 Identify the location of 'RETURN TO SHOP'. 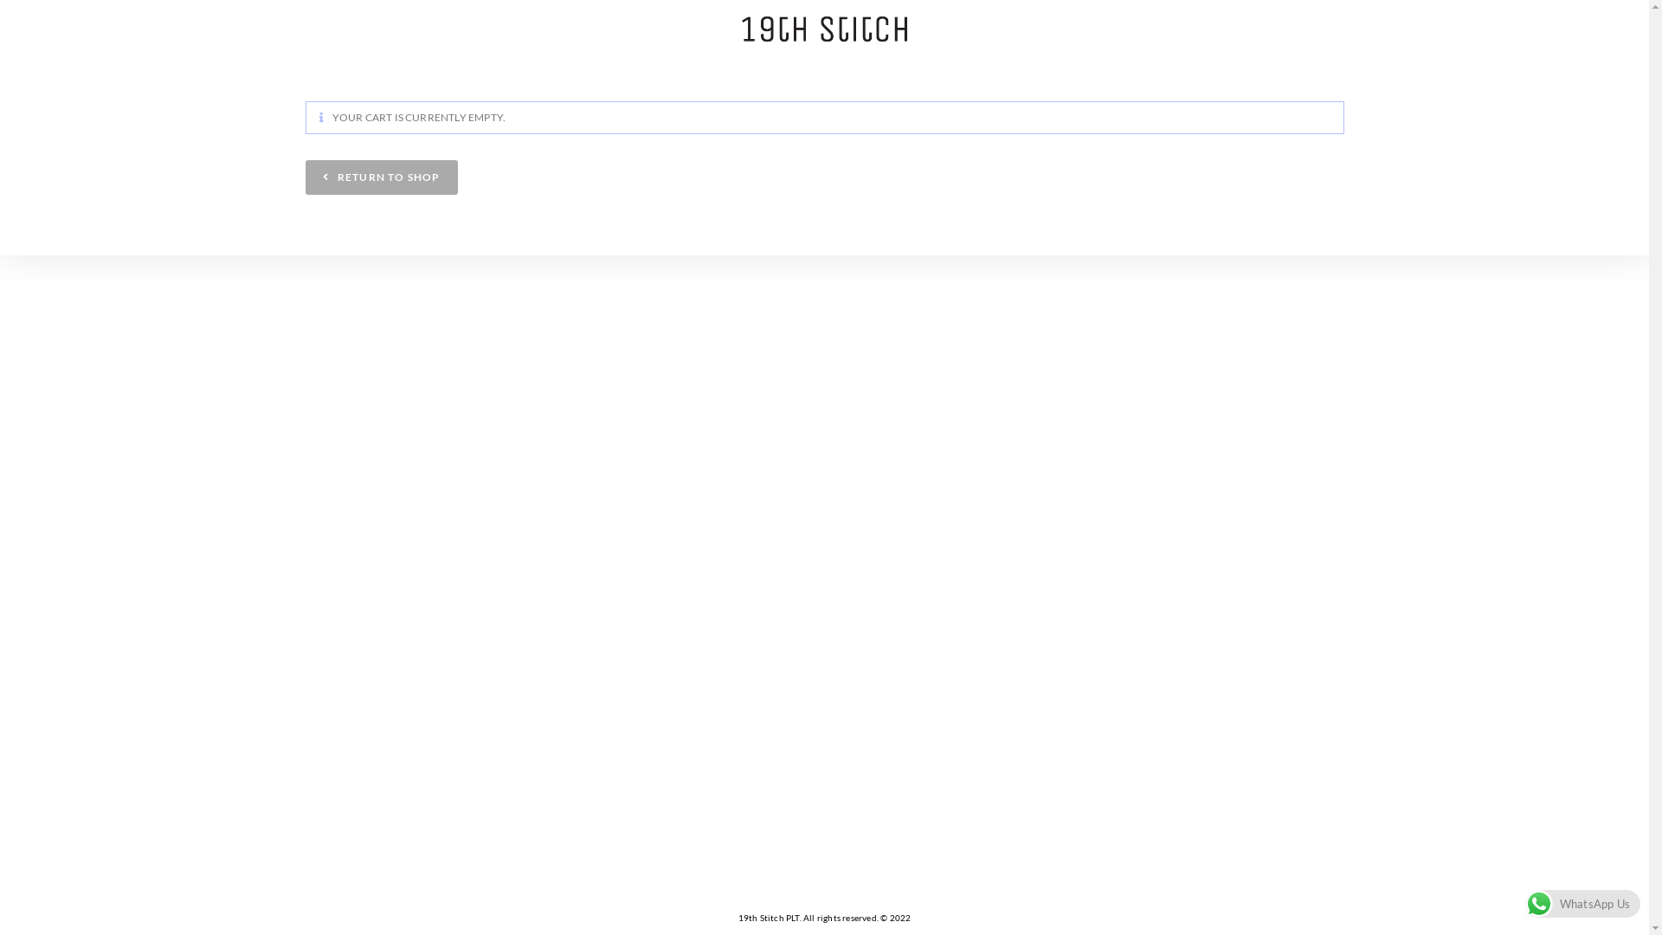
(380, 177).